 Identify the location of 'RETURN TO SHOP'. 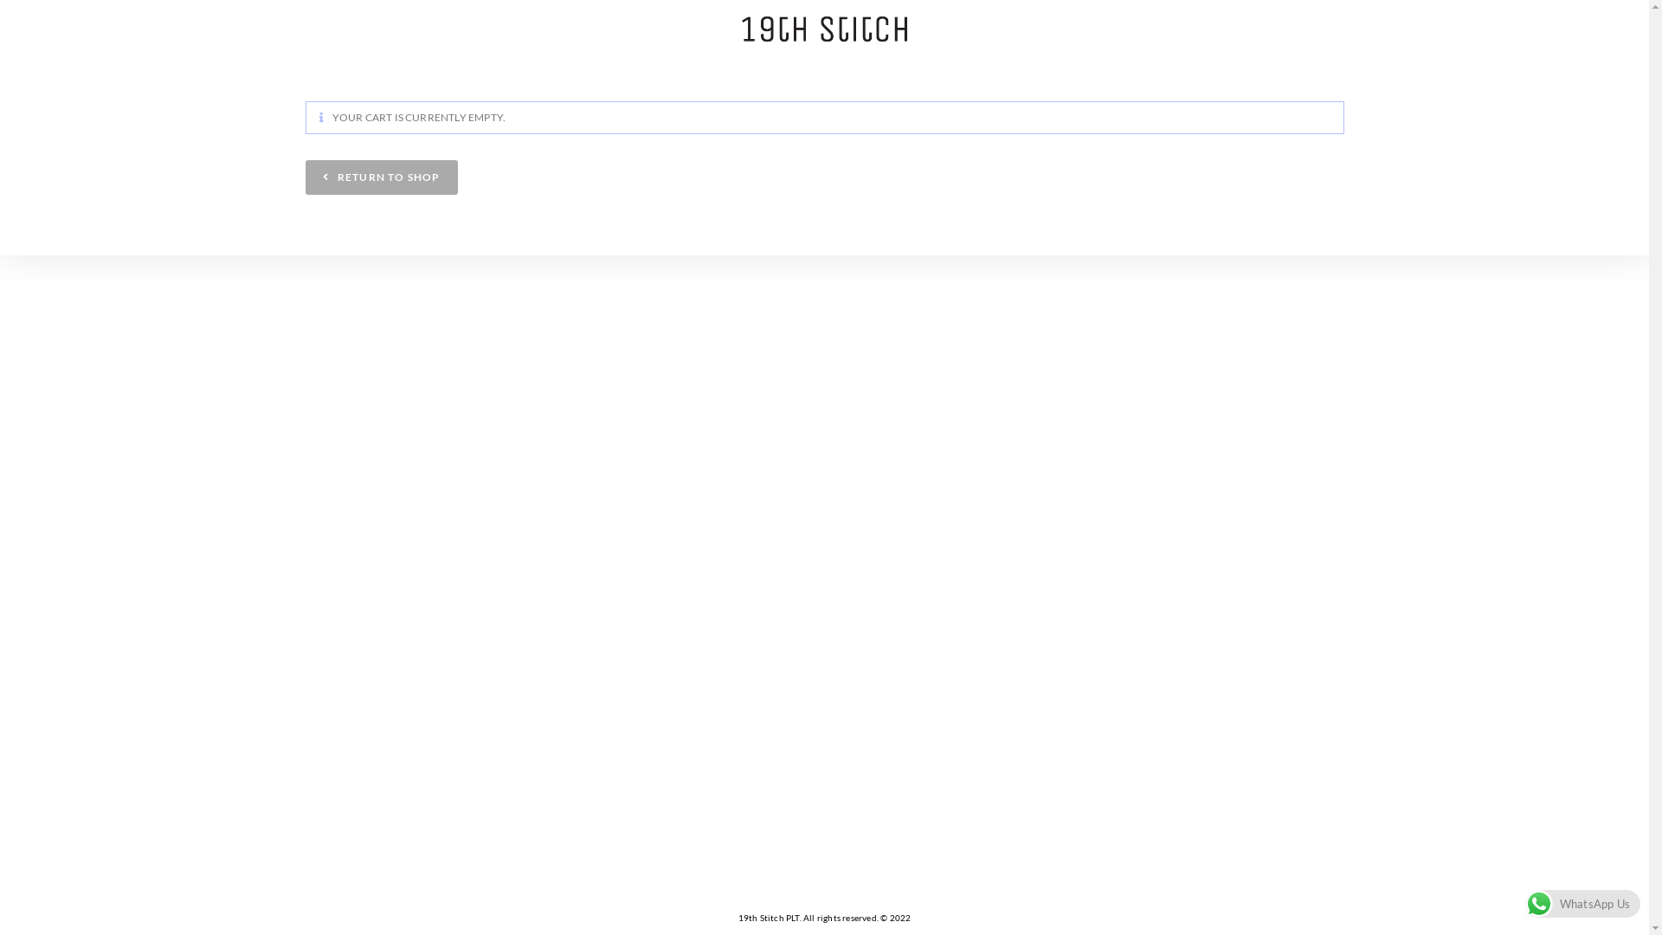
(380, 177).